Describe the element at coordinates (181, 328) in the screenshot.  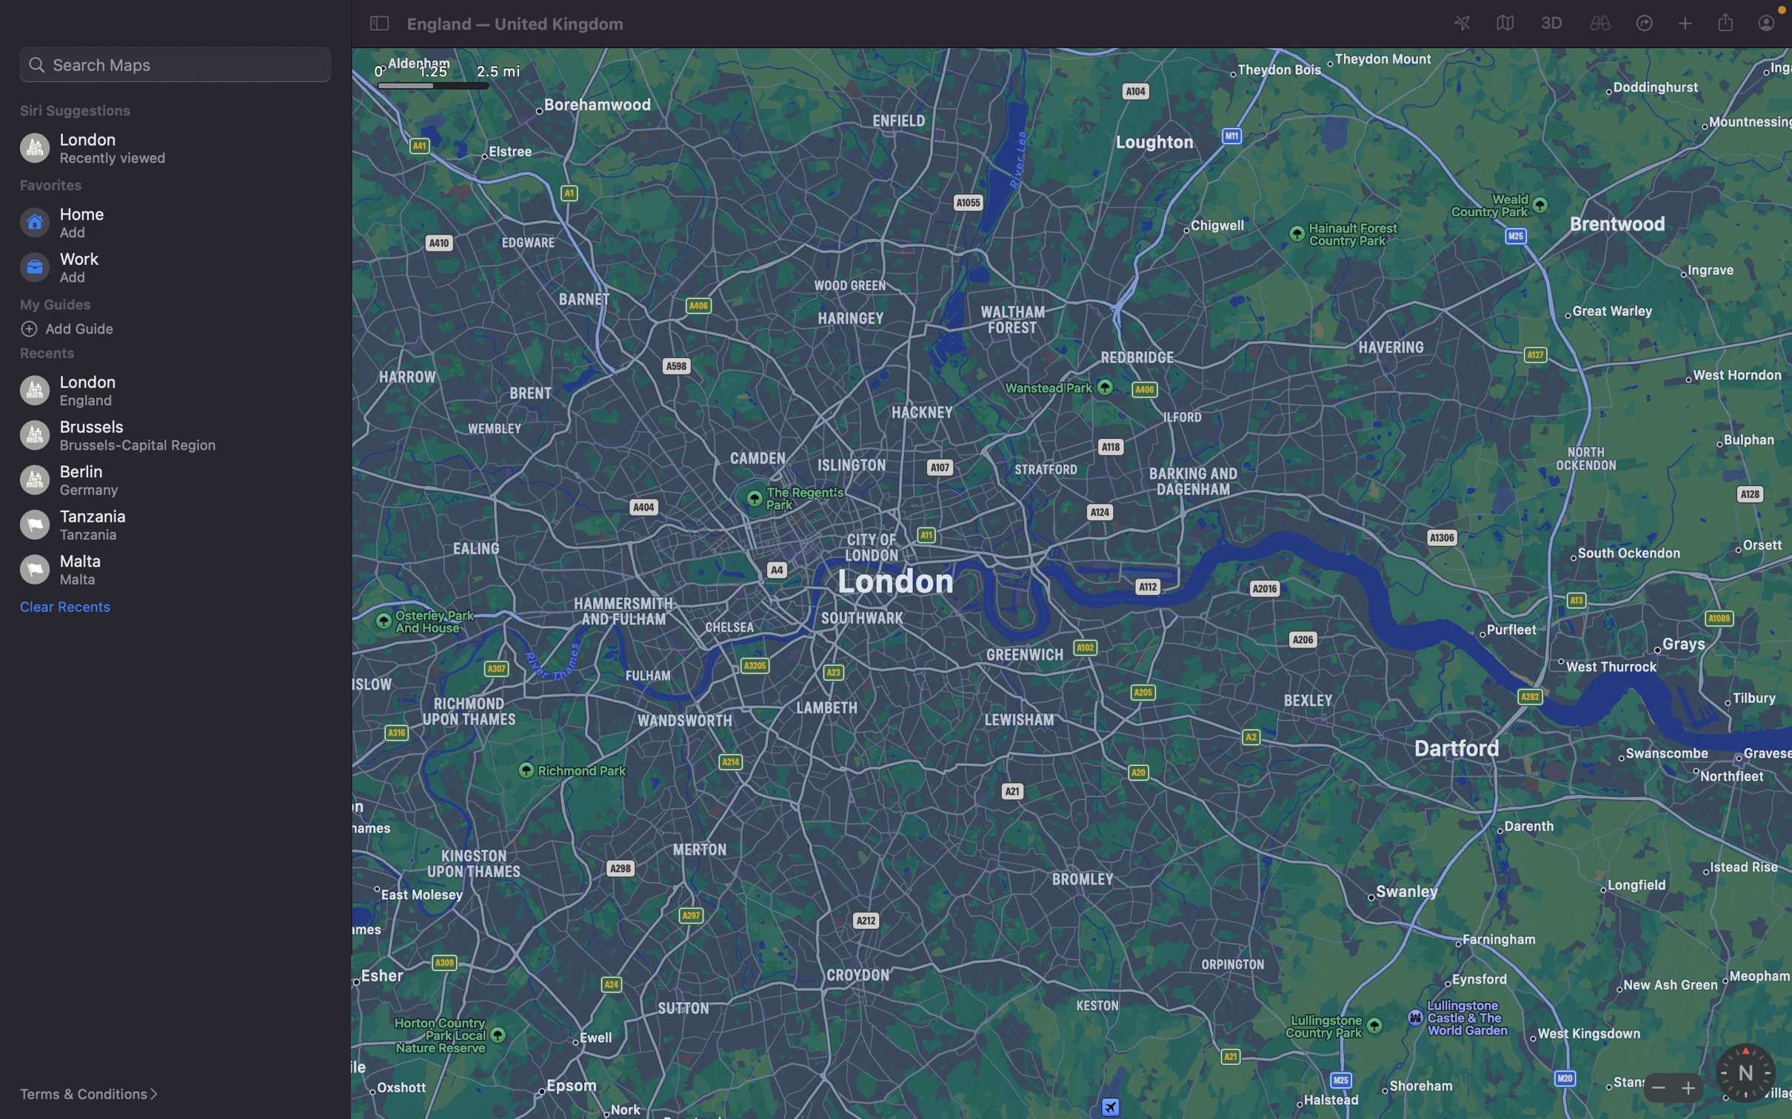
I see `Input a new guide location "bars" by using the "add guide" button` at that location.